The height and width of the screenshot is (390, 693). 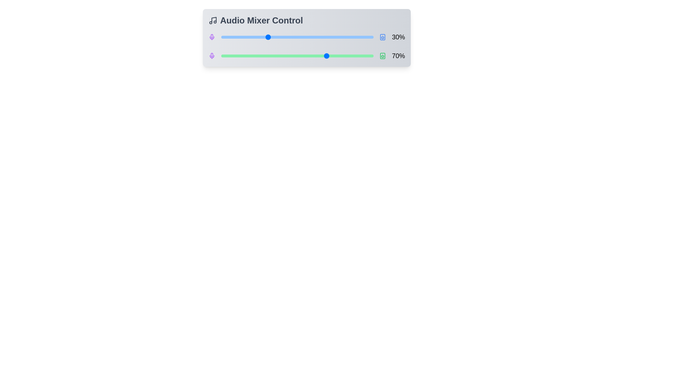 What do you see at coordinates (338, 55) in the screenshot?
I see `the slider` at bounding box center [338, 55].